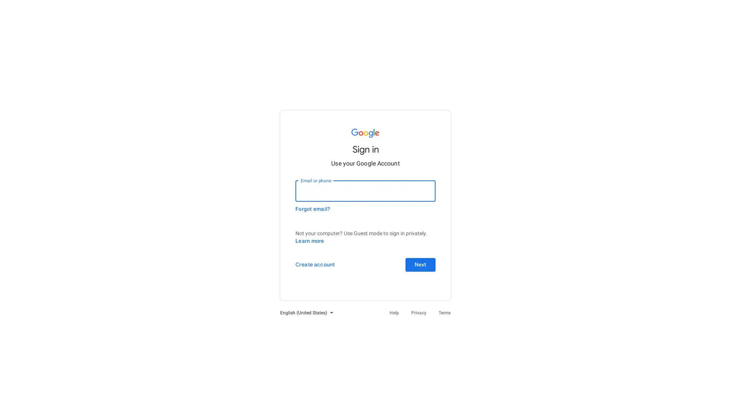  Describe the element at coordinates (420, 264) in the screenshot. I see `Next` at that location.